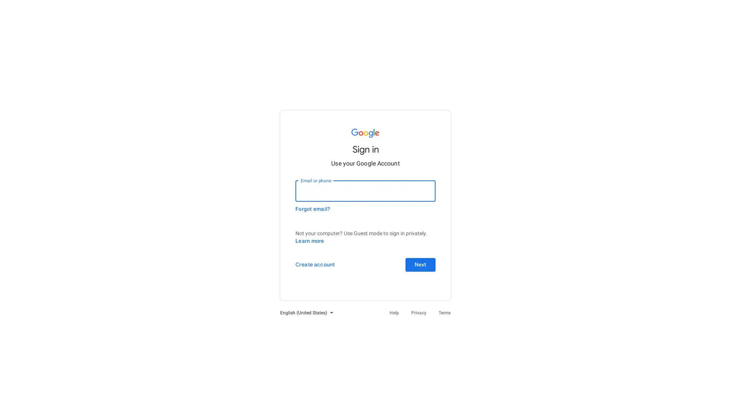  Describe the element at coordinates (420, 264) in the screenshot. I see `Next` at that location.